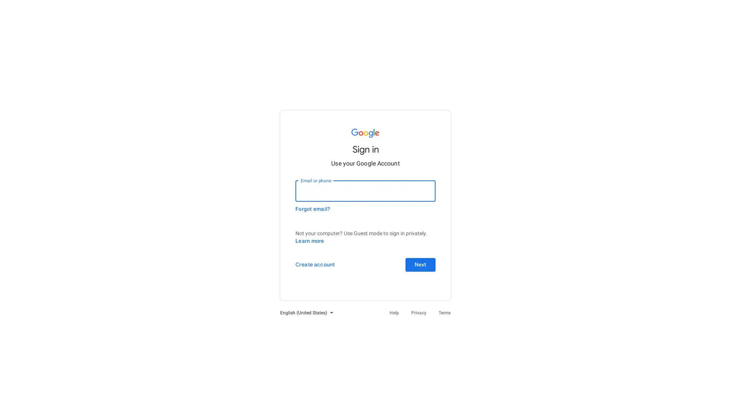  Describe the element at coordinates (420, 264) in the screenshot. I see `Next` at that location.